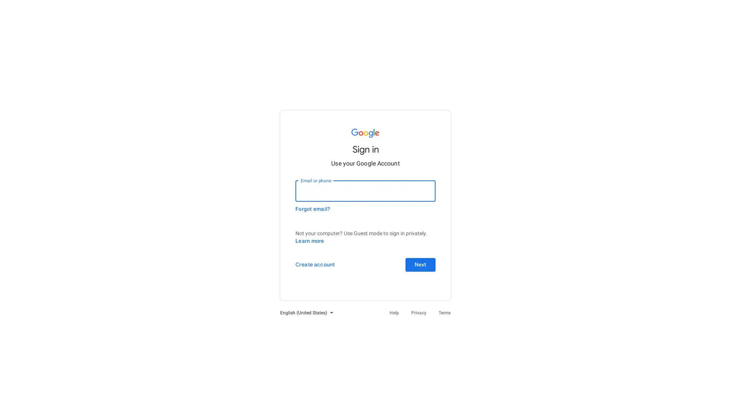  Describe the element at coordinates (420, 264) in the screenshot. I see `Next` at that location.